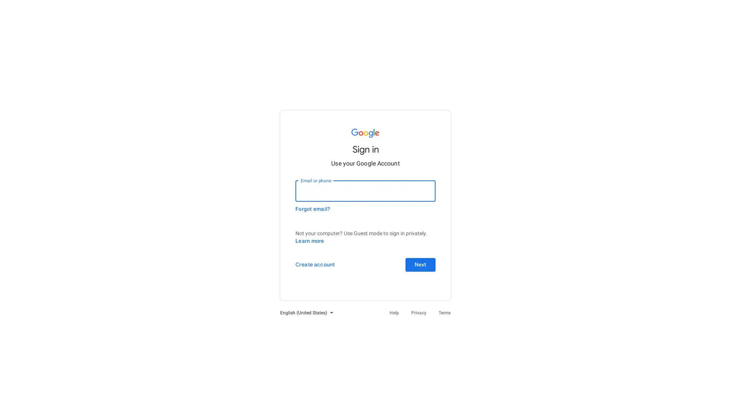  Describe the element at coordinates (420, 264) in the screenshot. I see `Next` at that location.